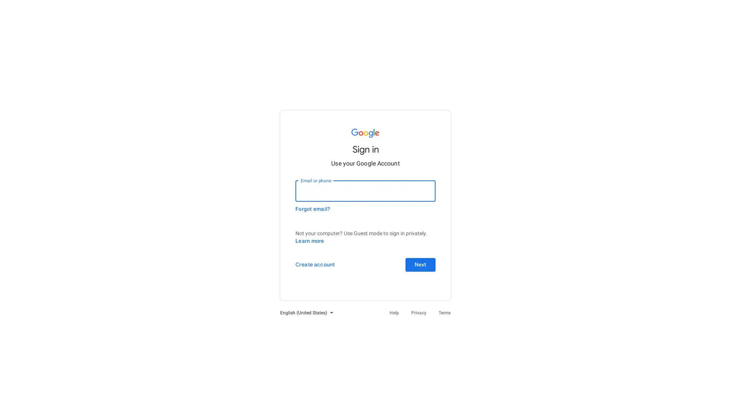  Describe the element at coordinates (420, 264) in the screenshot. I see `Next` at that location.